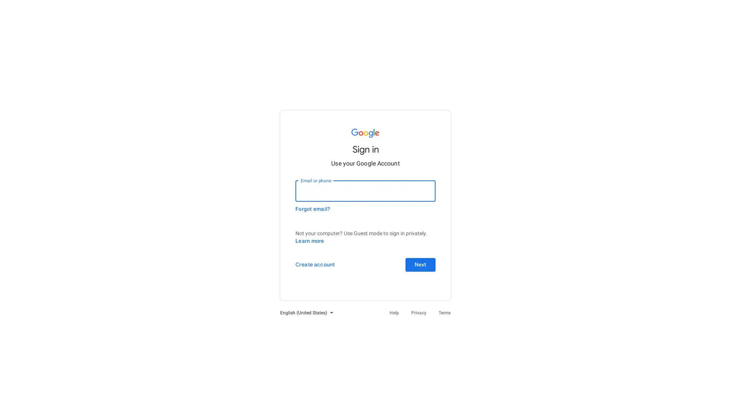  Describe the element at coordinates (420, 264) in the screenshot. I see `Next` at that location.